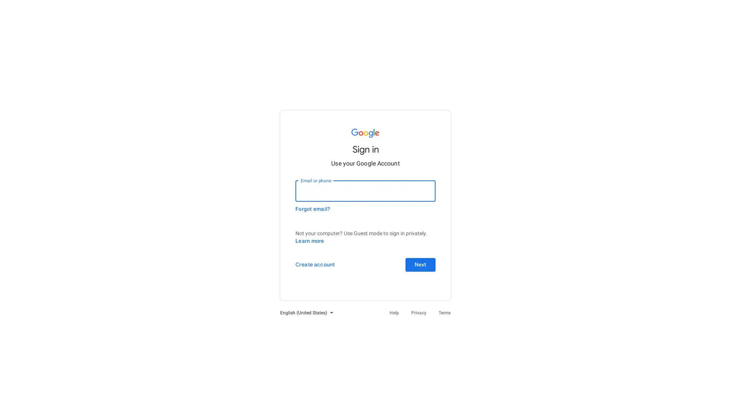  Describe the element at coordinates (420, 264) in the screenshot. I see `Next` at that location.